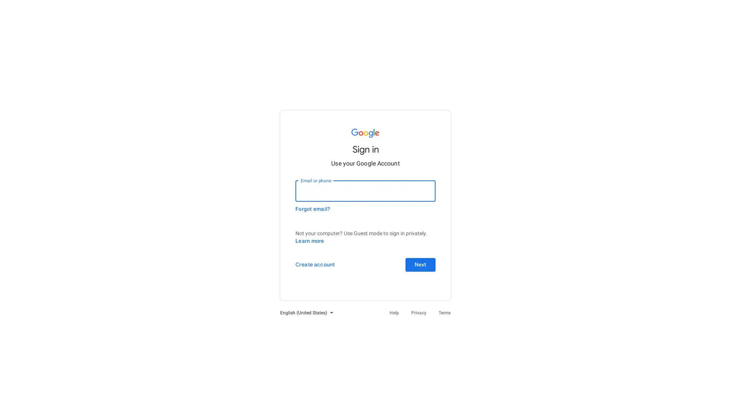  Describe the element at coordinates (420, 264) in the screenshot. I see `Next` at that location.